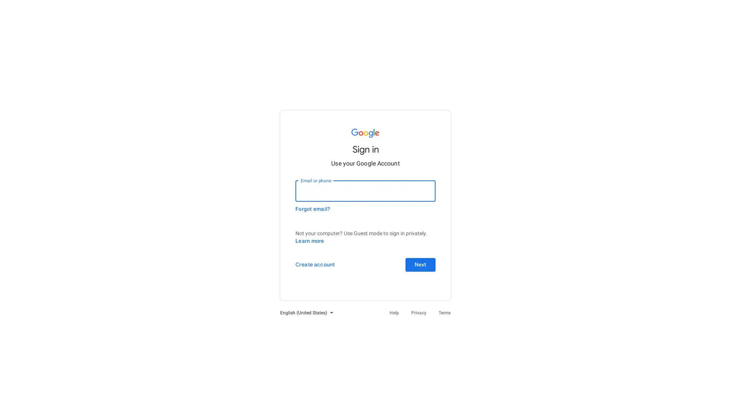  Describe the element at coordinates (420, 264) in the screenshot. I see `Next` at that location.